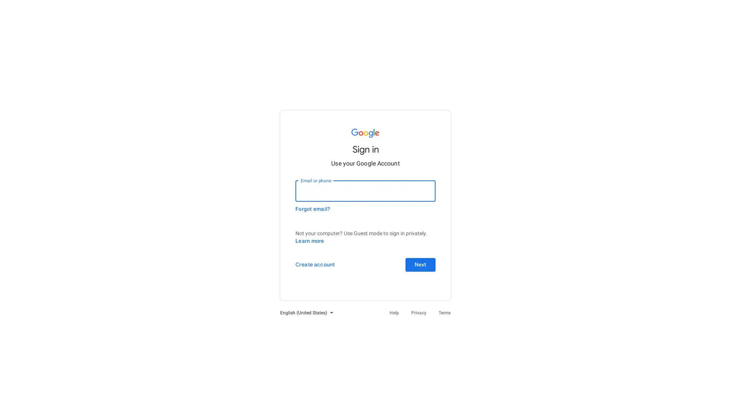  Describe the element at coordinates (420, 264) in the screenshot. I see `Next` at that location.